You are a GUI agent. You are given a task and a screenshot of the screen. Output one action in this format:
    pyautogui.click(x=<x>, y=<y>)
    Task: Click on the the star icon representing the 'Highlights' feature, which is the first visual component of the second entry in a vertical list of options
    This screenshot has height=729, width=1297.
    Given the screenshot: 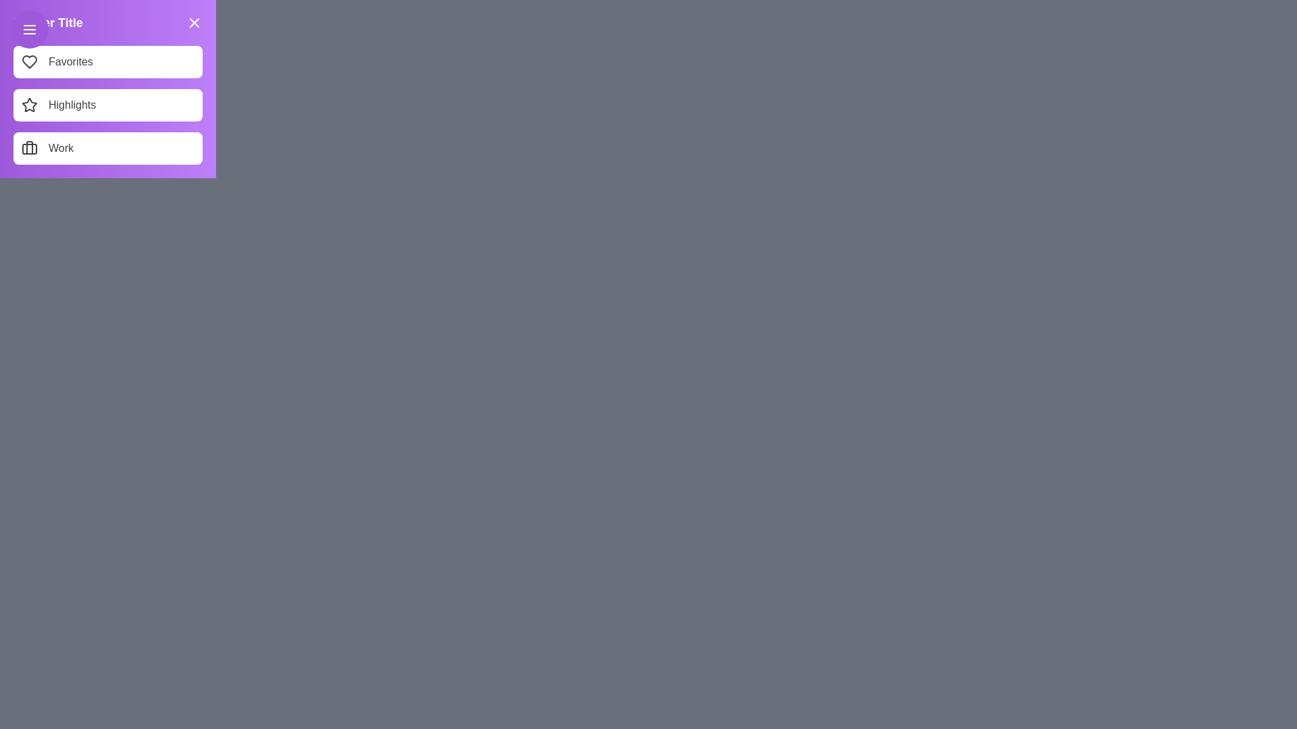 What is the action you would take?
    pyautogui.click(x=29, y=104)
    